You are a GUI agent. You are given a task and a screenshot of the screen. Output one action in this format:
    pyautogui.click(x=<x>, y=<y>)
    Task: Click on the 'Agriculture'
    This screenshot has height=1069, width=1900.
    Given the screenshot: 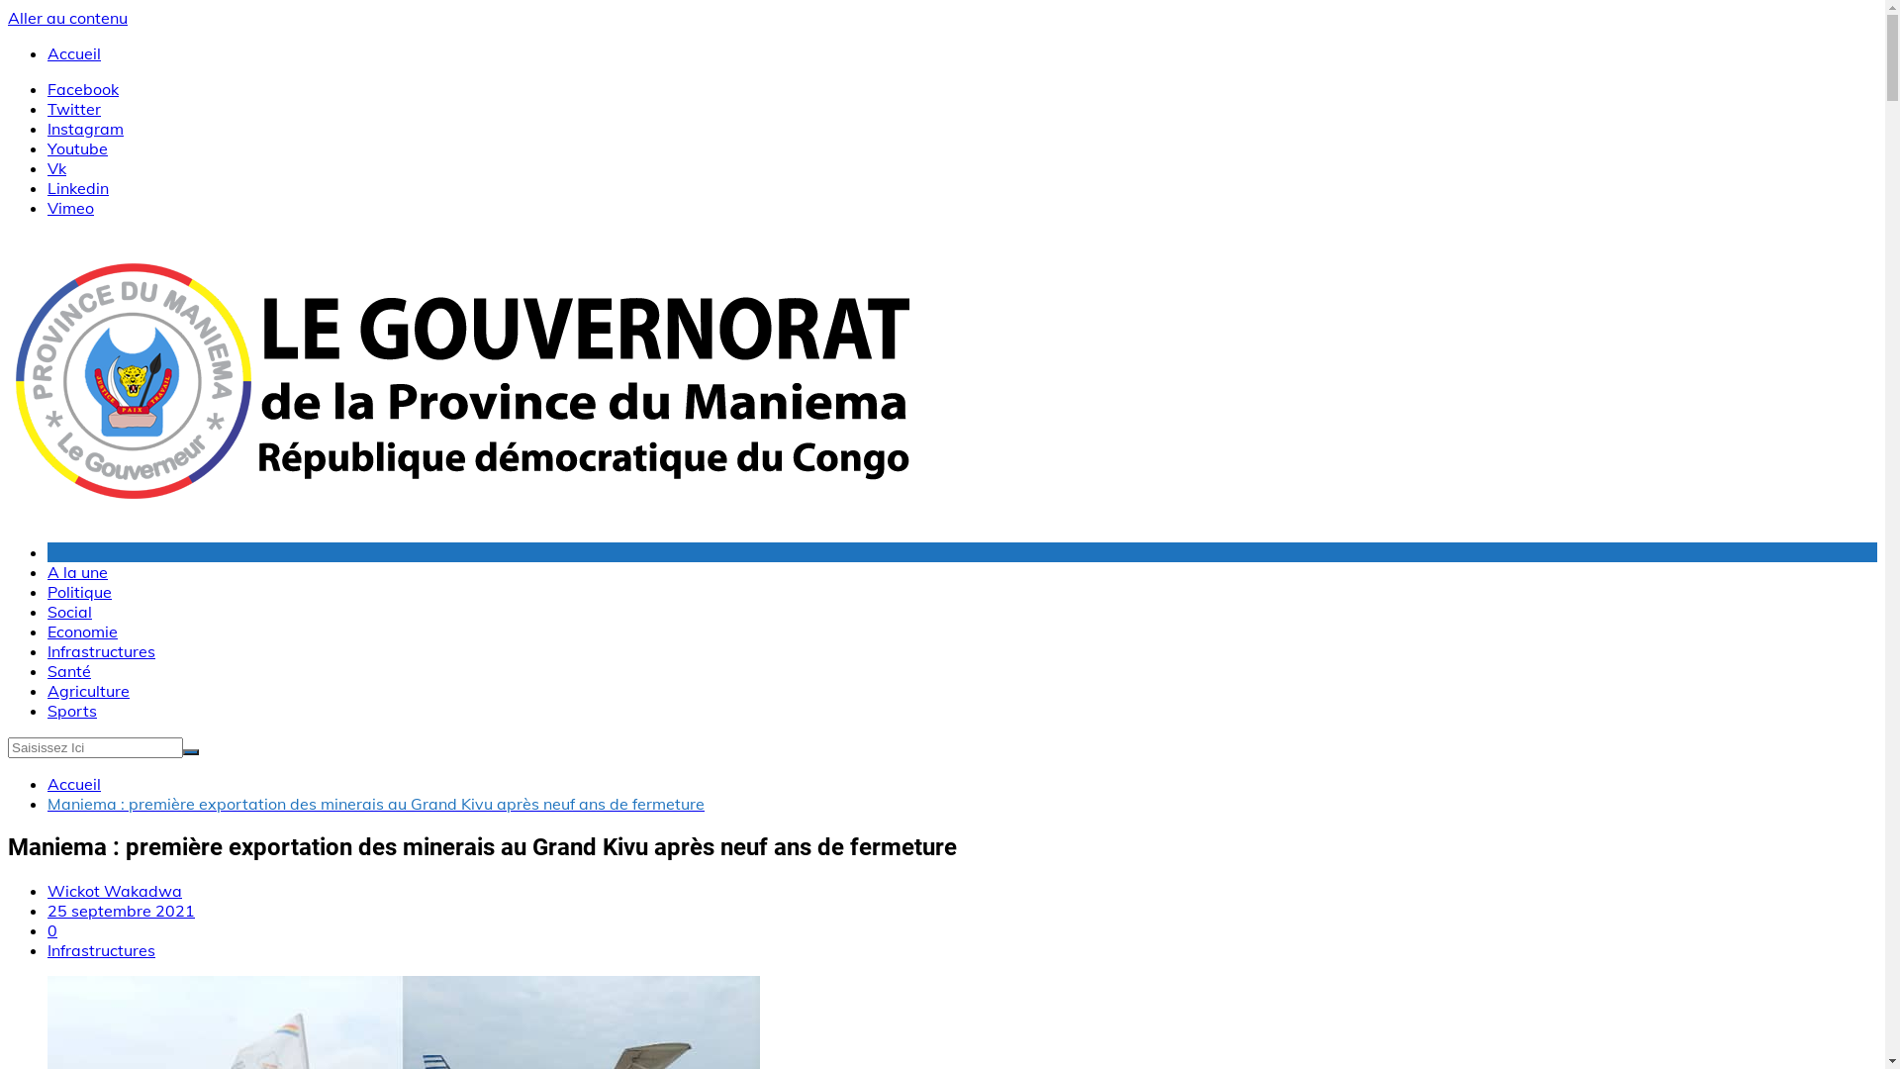 What is the action you would take?
    pyautogui.click(x=87, y=690)
    